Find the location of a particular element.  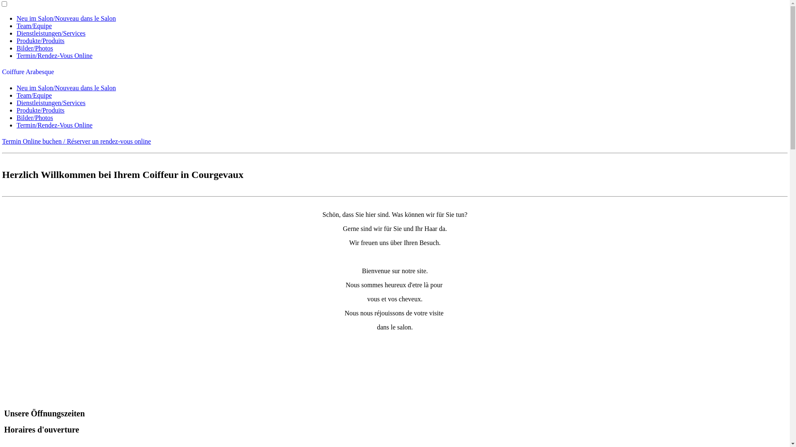

'Dienstleistungen/Services' is located at coordinates (51, 102).